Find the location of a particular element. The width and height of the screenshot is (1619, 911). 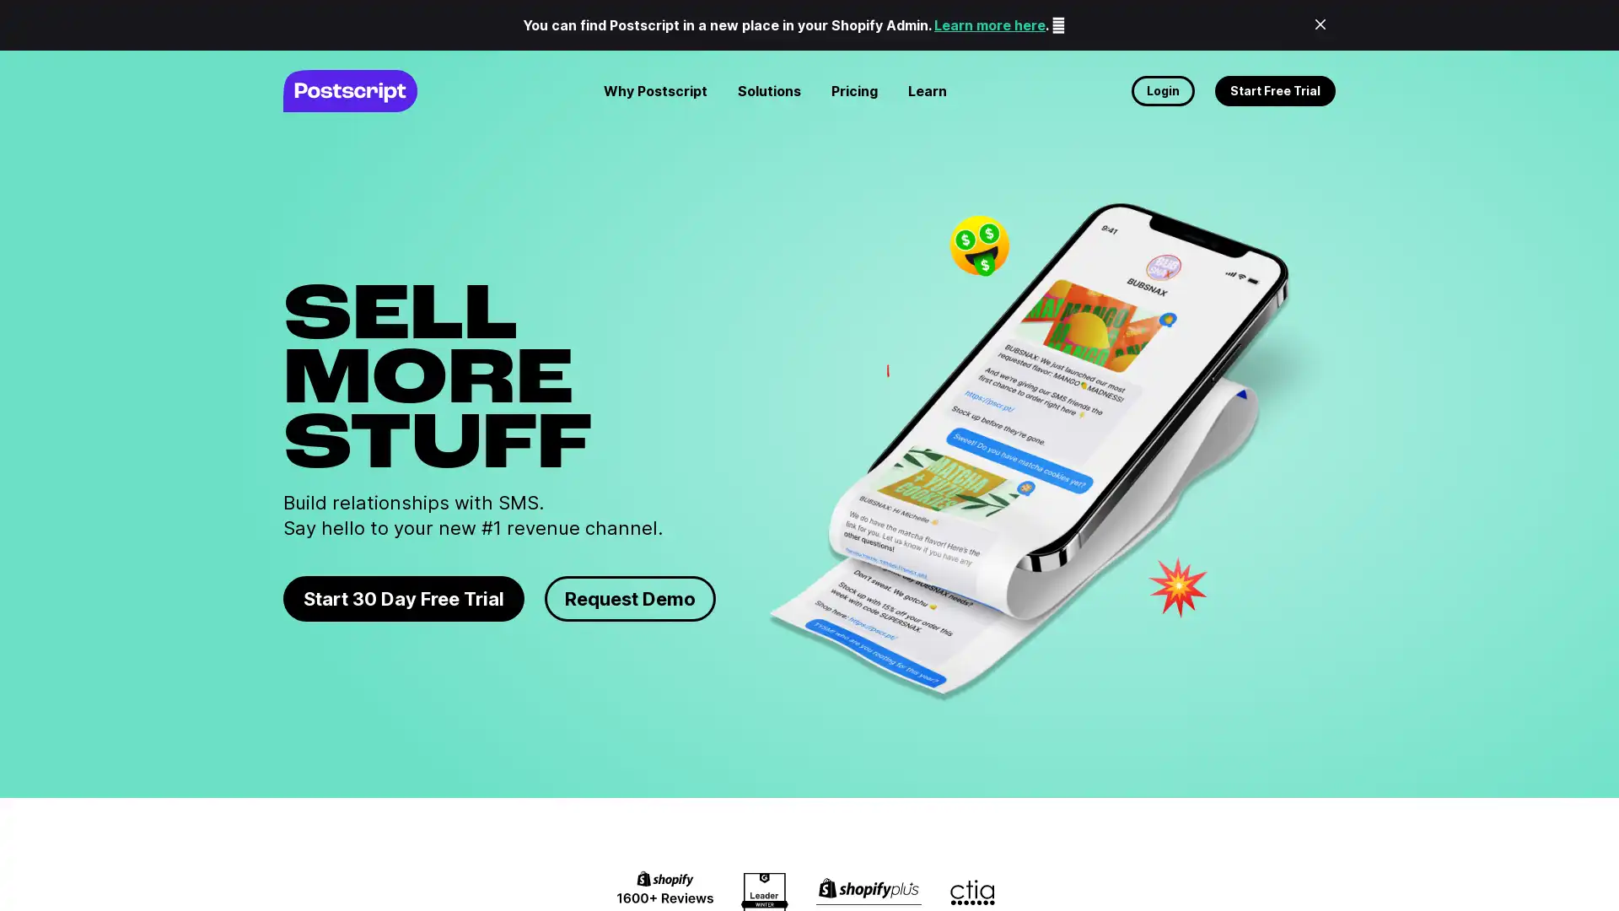

Solutions is located at coordinates (767, 90).